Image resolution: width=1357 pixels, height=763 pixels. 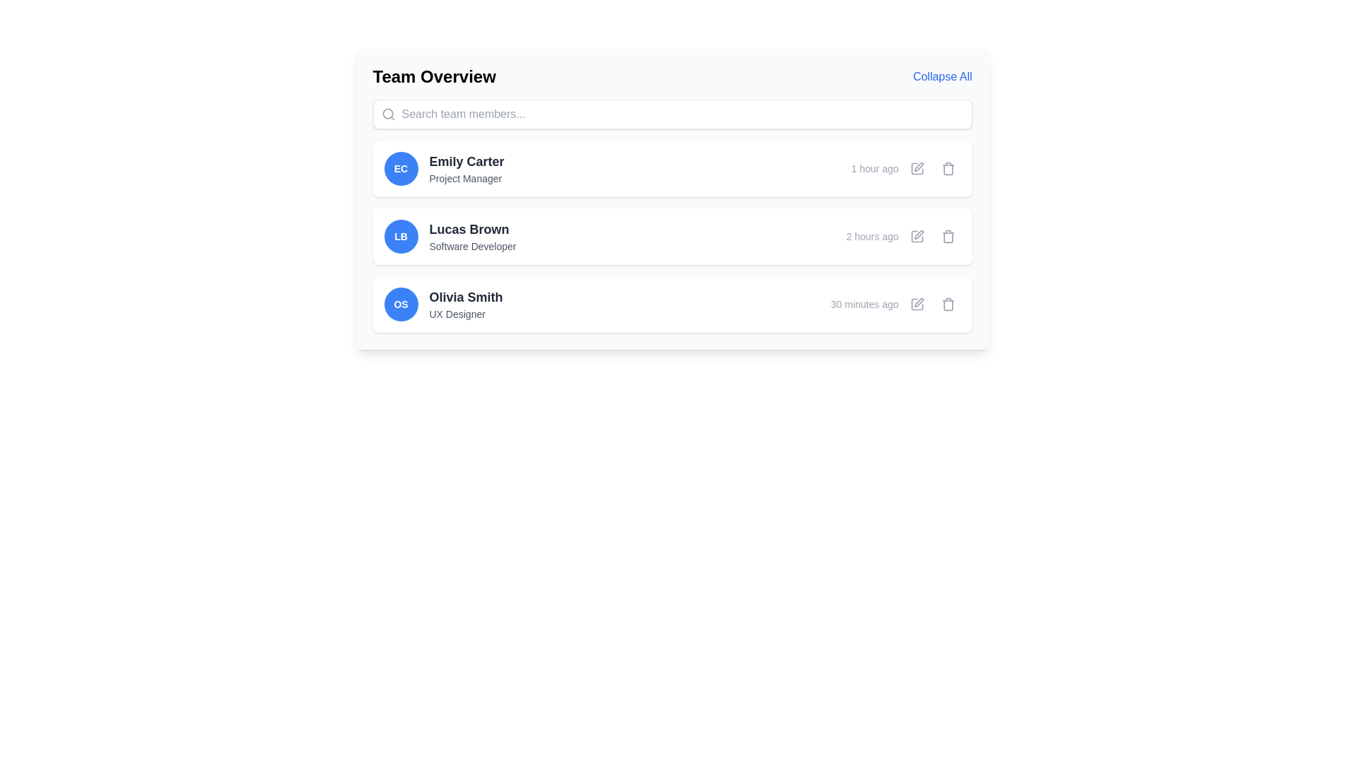 I want to click on the trash can icon delete button located next to the timestamp '2 hours ago' for Lucas Brown, so click(x=948, y=236).